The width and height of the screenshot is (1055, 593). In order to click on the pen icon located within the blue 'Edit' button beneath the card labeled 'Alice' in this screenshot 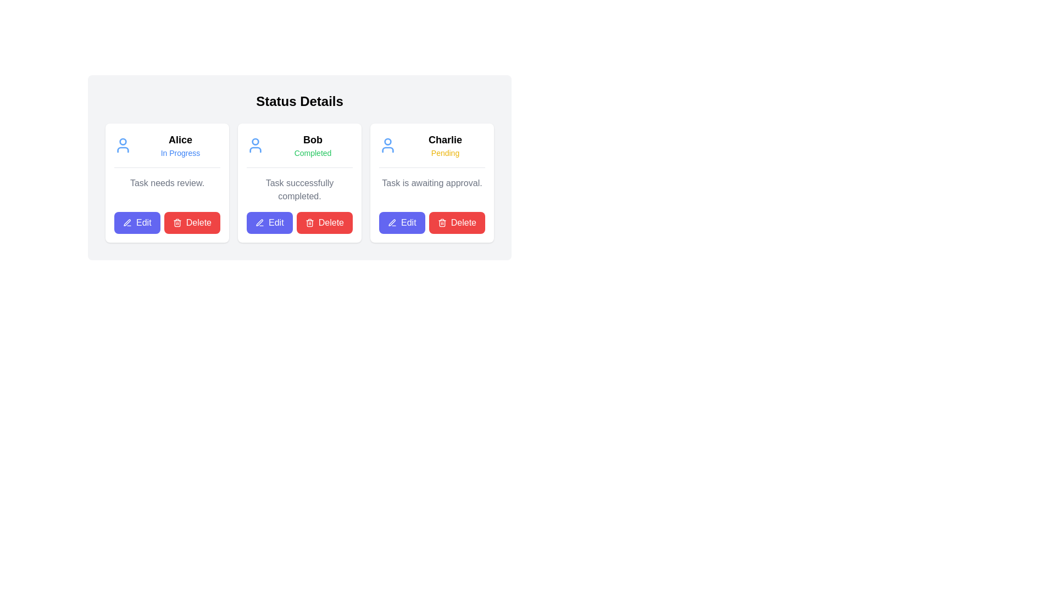, I will do `click(127, 222)`.